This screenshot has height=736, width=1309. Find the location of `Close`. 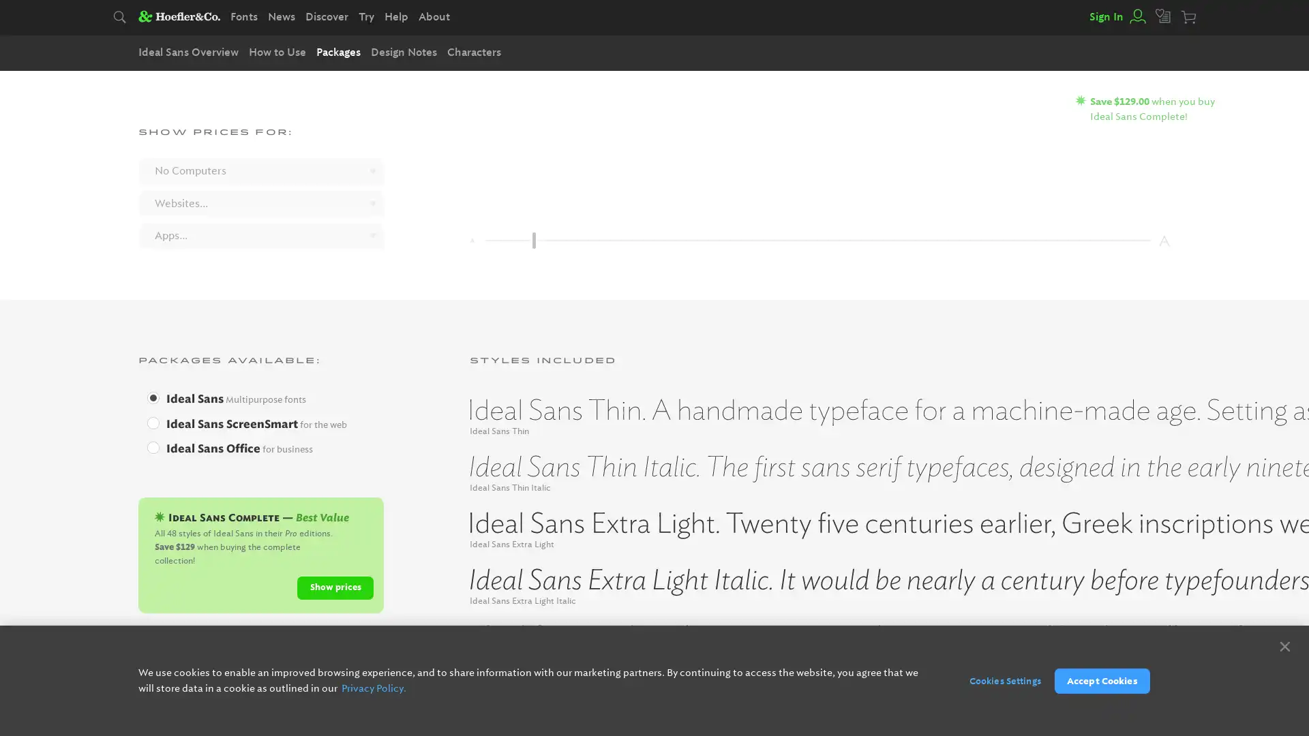

Close is located at coordinates (1284, 645).